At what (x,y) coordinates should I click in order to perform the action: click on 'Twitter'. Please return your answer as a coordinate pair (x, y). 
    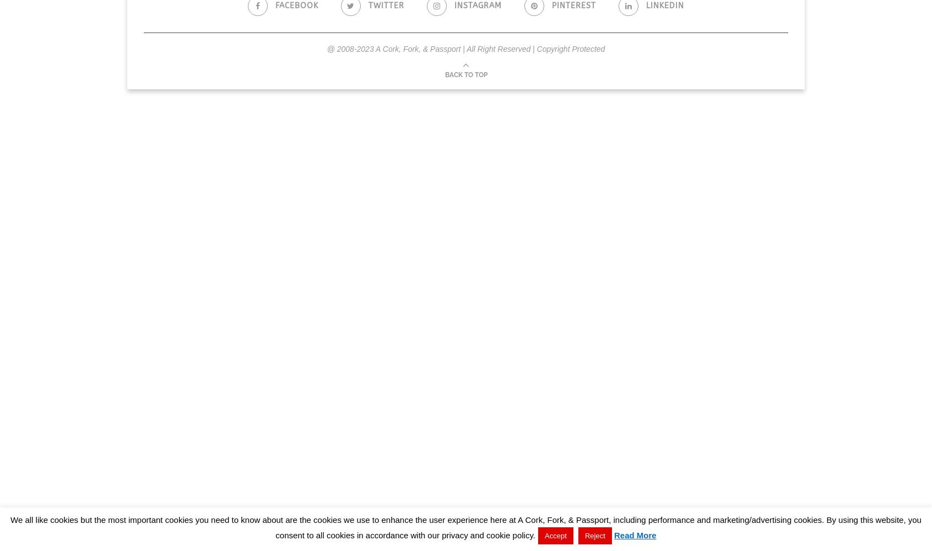
    Looking at the image, I should click on (386, 6).